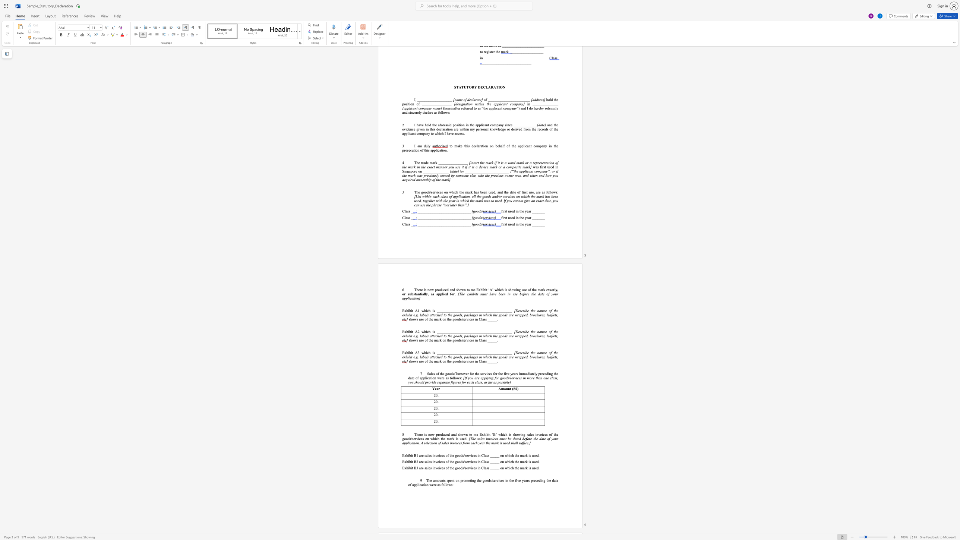 The image size is (960, 540). I want to click on the subset text "hich the mark is use" within the text "There is now produced and shown to me Exhibit ‘B’ which is showing sales invoices of the goods/services on which the mark is used.", so click(433, 439).